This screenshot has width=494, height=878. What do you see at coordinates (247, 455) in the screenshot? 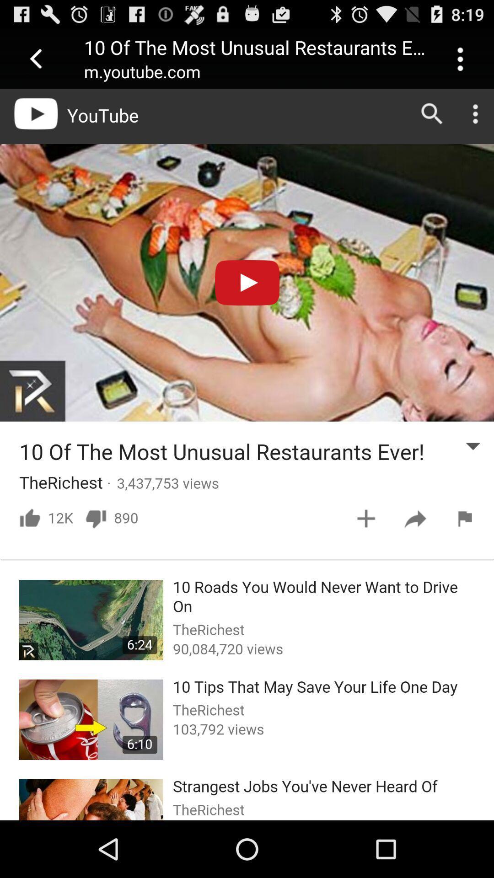
I see `scroll down or up` at bounding box center [247, 455].